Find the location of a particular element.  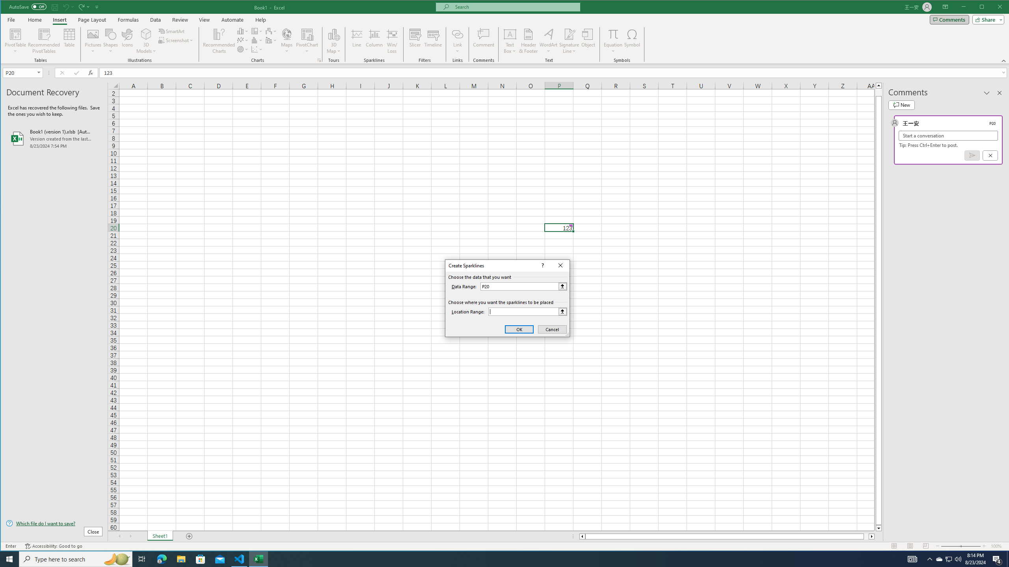

'Maps' is located at coordinates (287, 41).